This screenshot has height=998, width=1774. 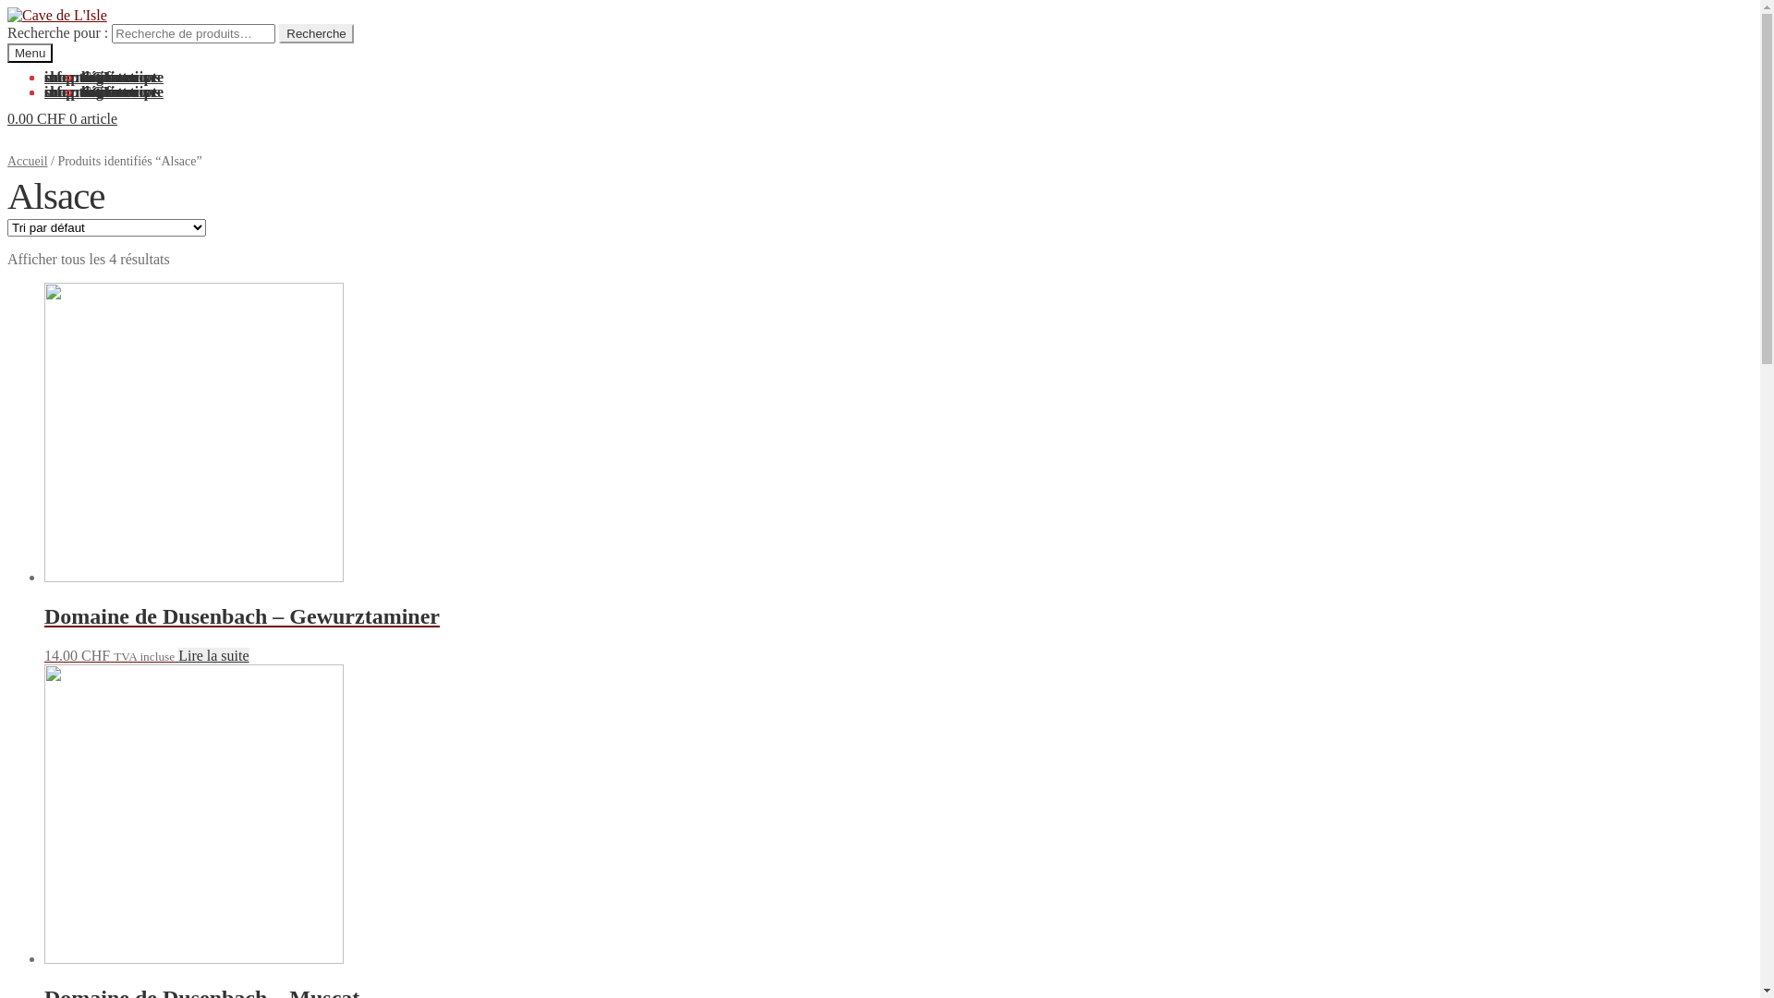 I want to click on 'horaires', so click(x=79, y=91).